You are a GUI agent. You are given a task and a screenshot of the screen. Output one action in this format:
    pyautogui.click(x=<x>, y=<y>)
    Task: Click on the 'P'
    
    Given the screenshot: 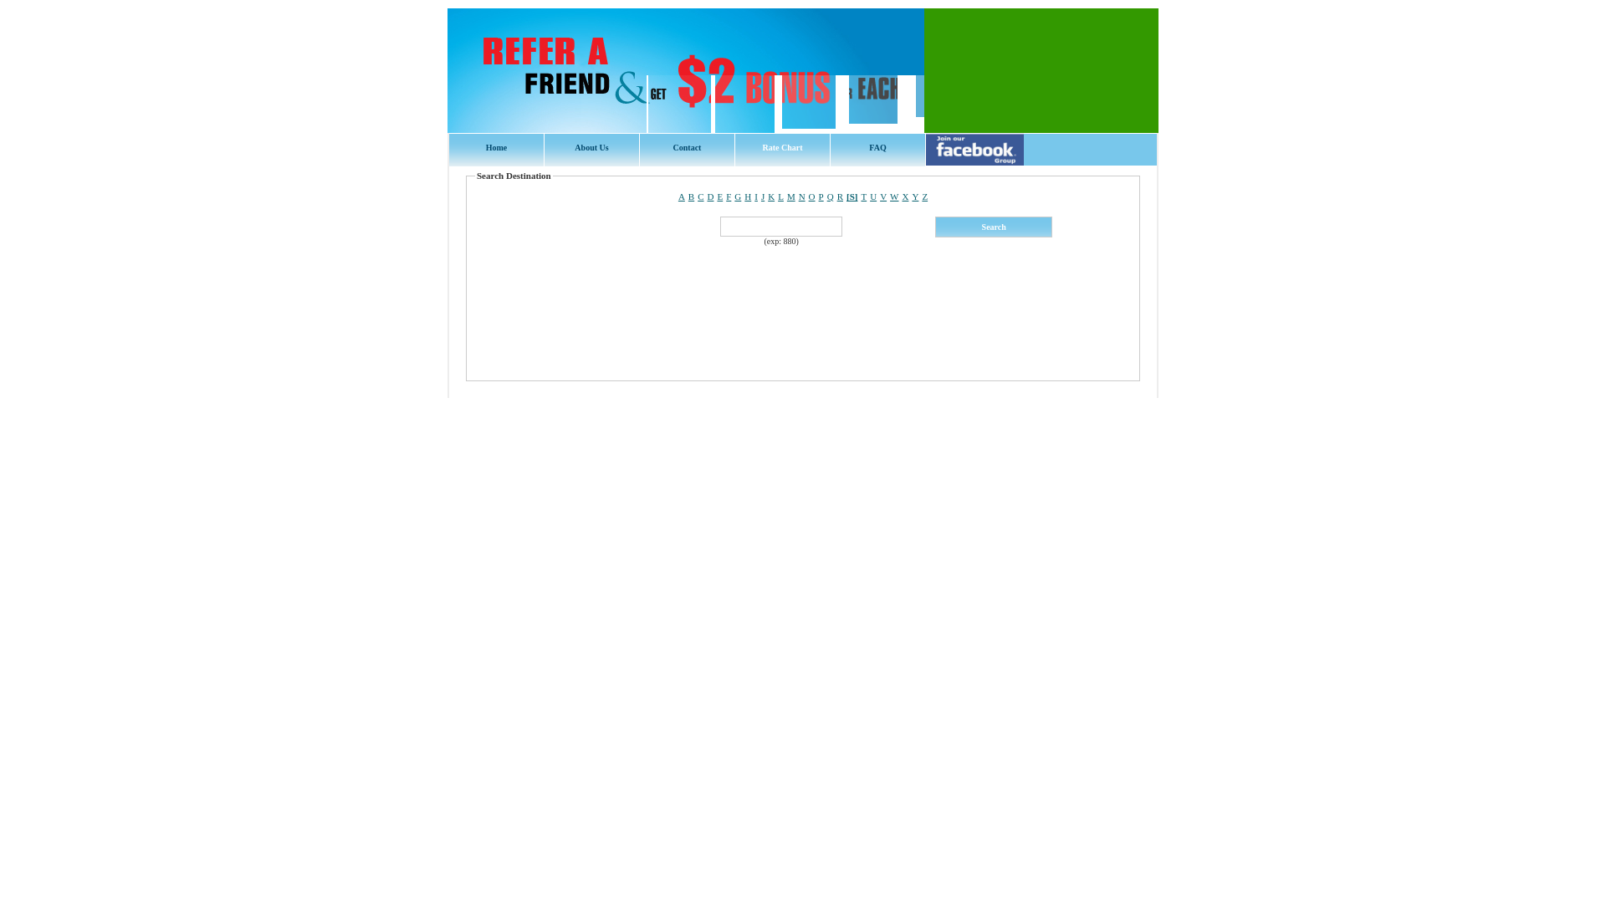 What is the action you would take?
    pyautogui.click(x=821, y=196)
    